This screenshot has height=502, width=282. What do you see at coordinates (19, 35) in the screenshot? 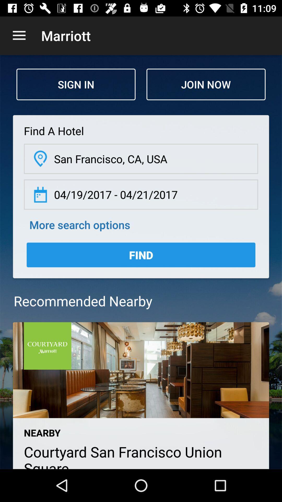
I see `app next to marriott` at bounding box center [19, 35].